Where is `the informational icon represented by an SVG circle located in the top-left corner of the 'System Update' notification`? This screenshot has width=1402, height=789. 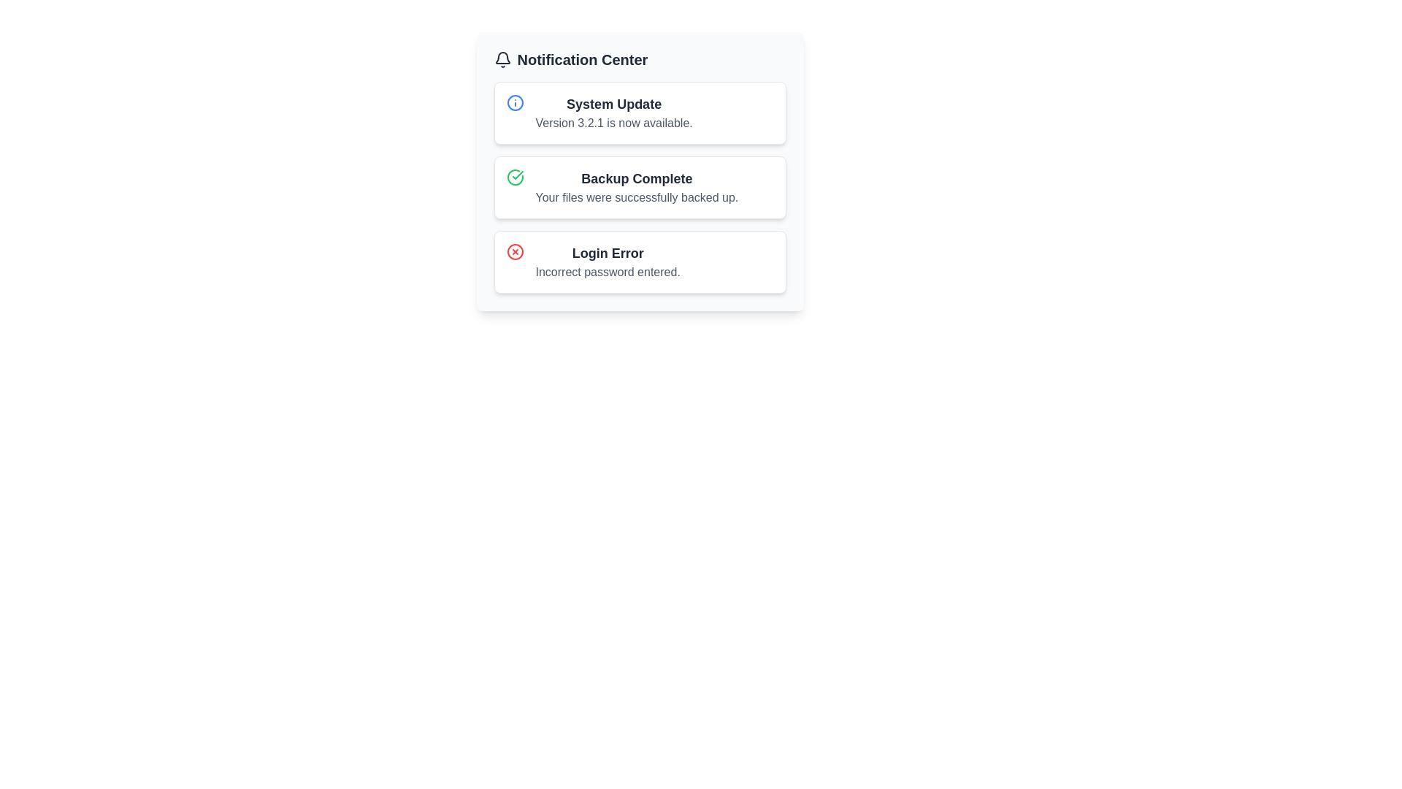
the informational icon represented by an SVG circle located in the top-left corner of the 'System Update' notification is located at coordinates (515, 102).